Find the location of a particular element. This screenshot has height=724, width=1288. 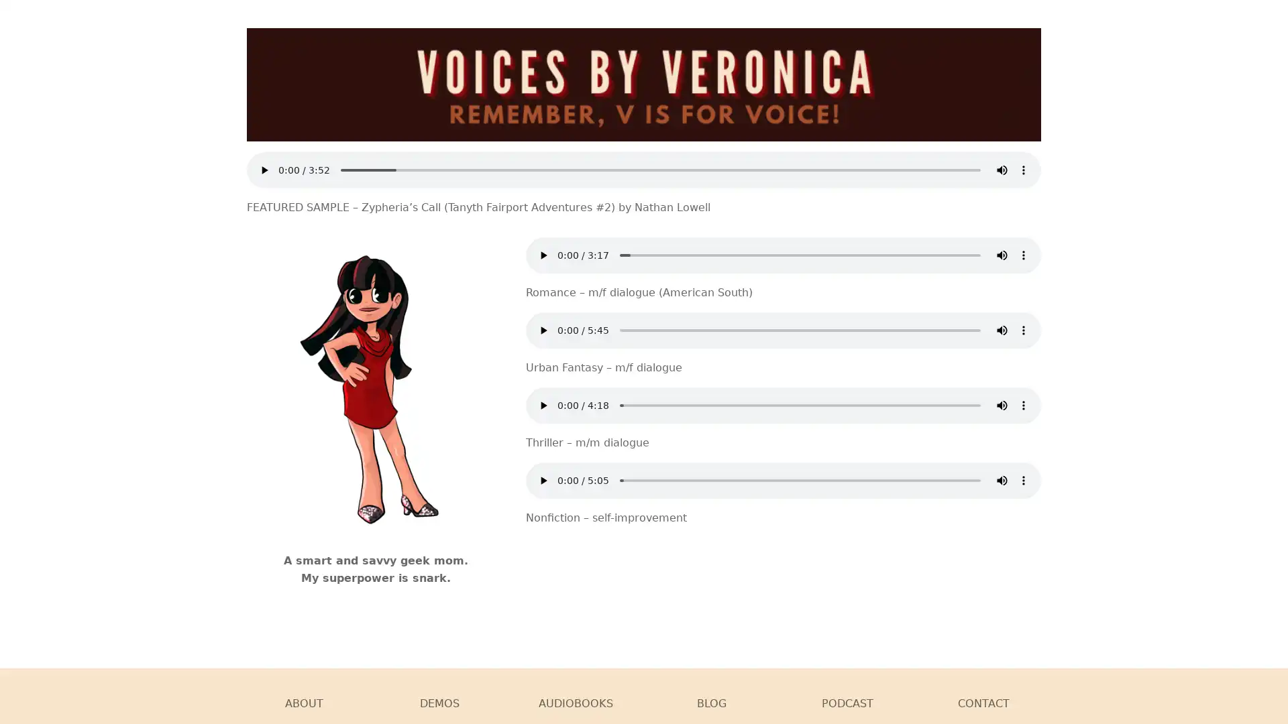

mute is located at coordinates (1002, 405).